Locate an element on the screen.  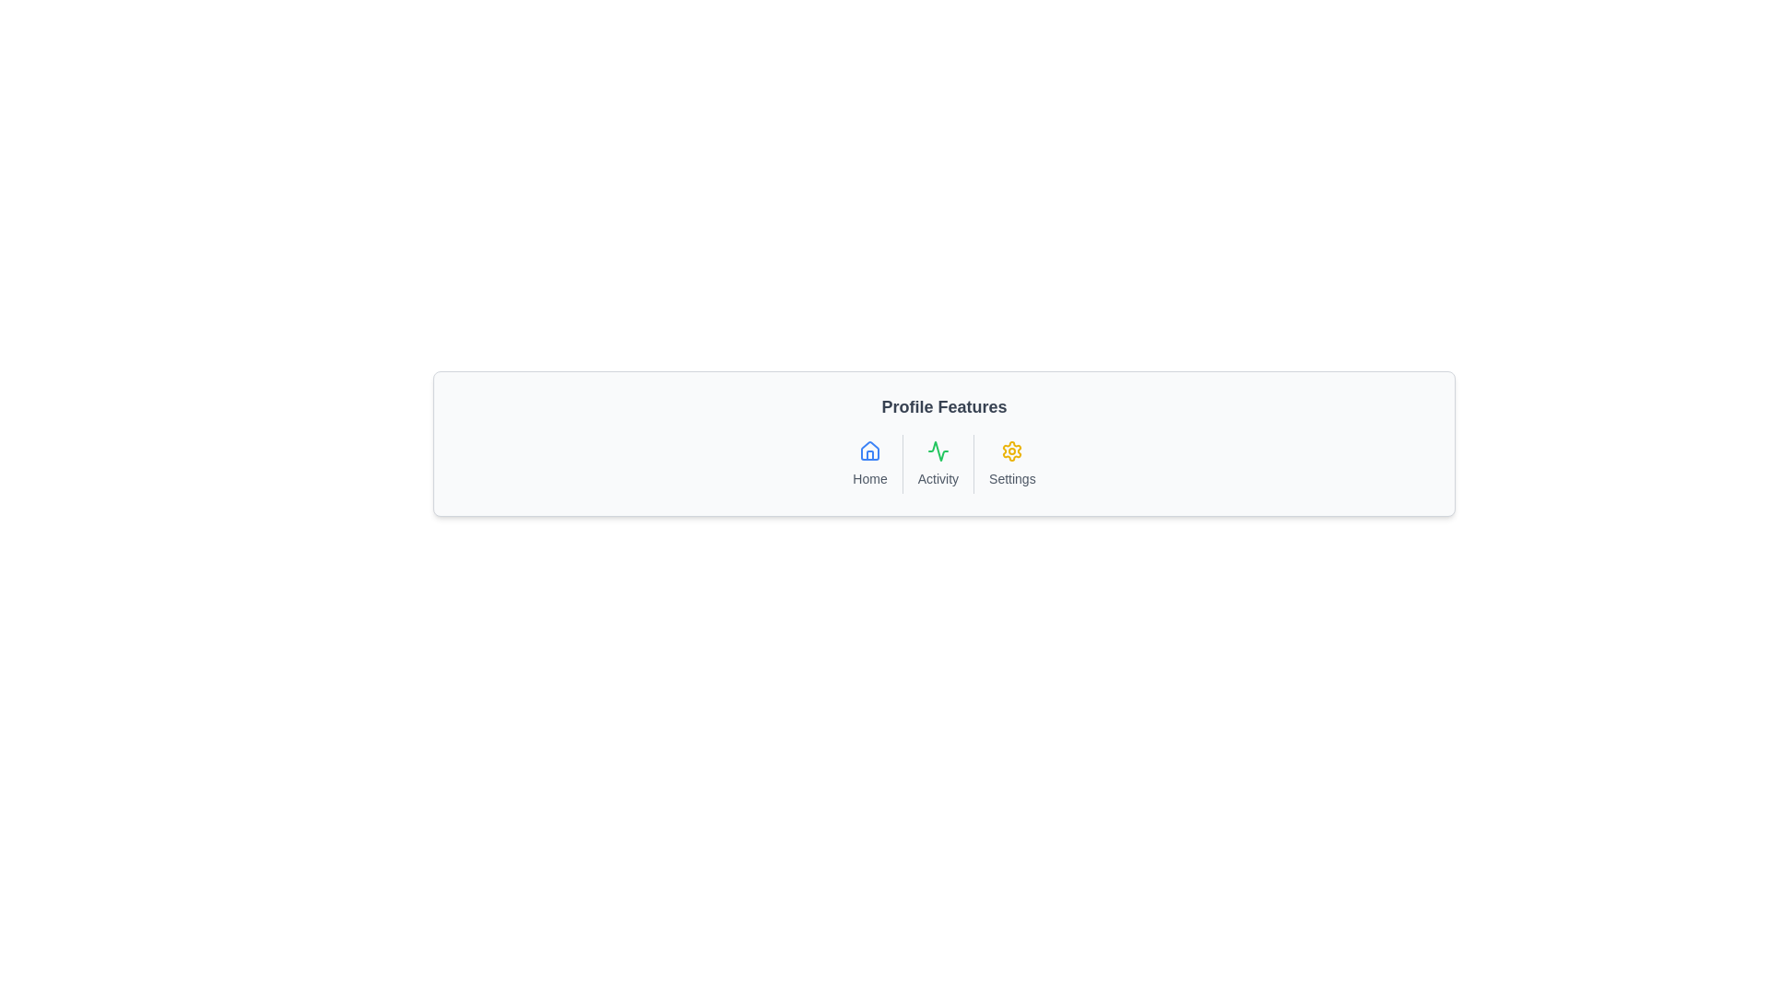
the 'Home' text label, styled with a small font size and gray color, located below the house icon in the 'Profile Features' panel is located at coordinates (869, 478).